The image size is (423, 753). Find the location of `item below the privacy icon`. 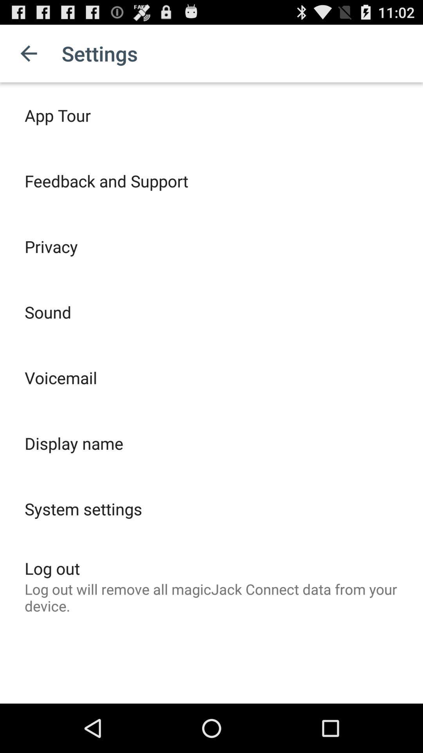

item below the privacy icon is located at coordinates (48, 311).